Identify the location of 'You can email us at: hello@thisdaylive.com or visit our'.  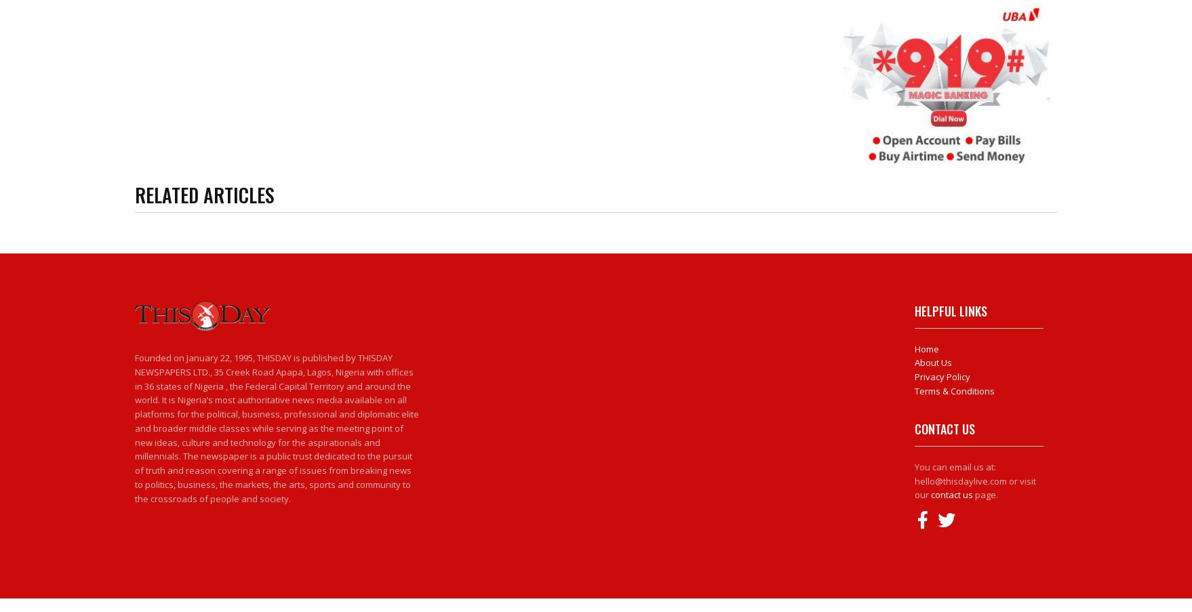
(913, 480).